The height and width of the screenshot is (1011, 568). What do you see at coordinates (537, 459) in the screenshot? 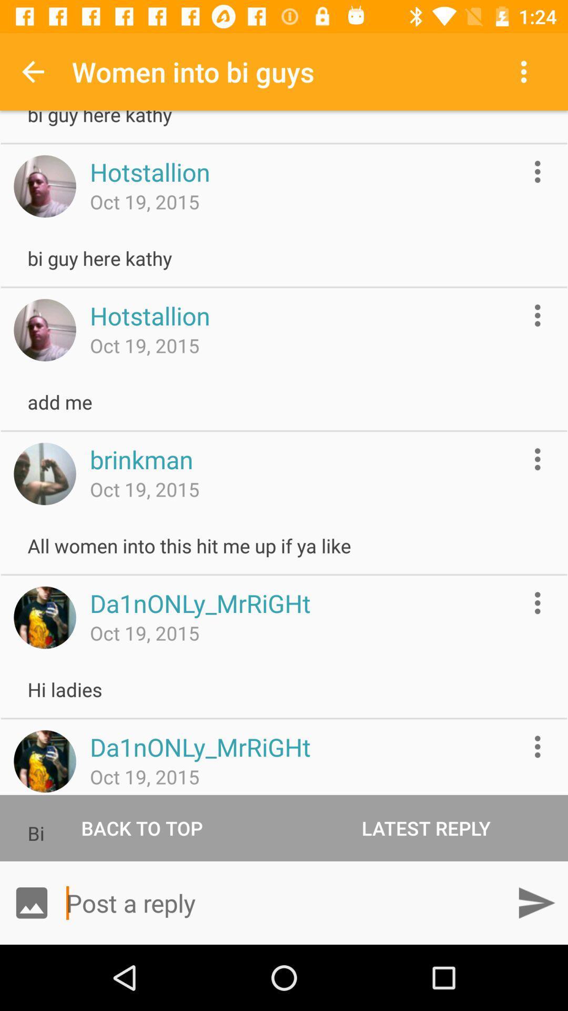
I see `more options` at bounding box center [537, 459].